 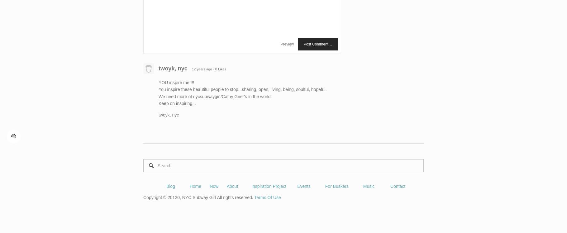 I want to click on 'Preview', so click(x=280, y=44).